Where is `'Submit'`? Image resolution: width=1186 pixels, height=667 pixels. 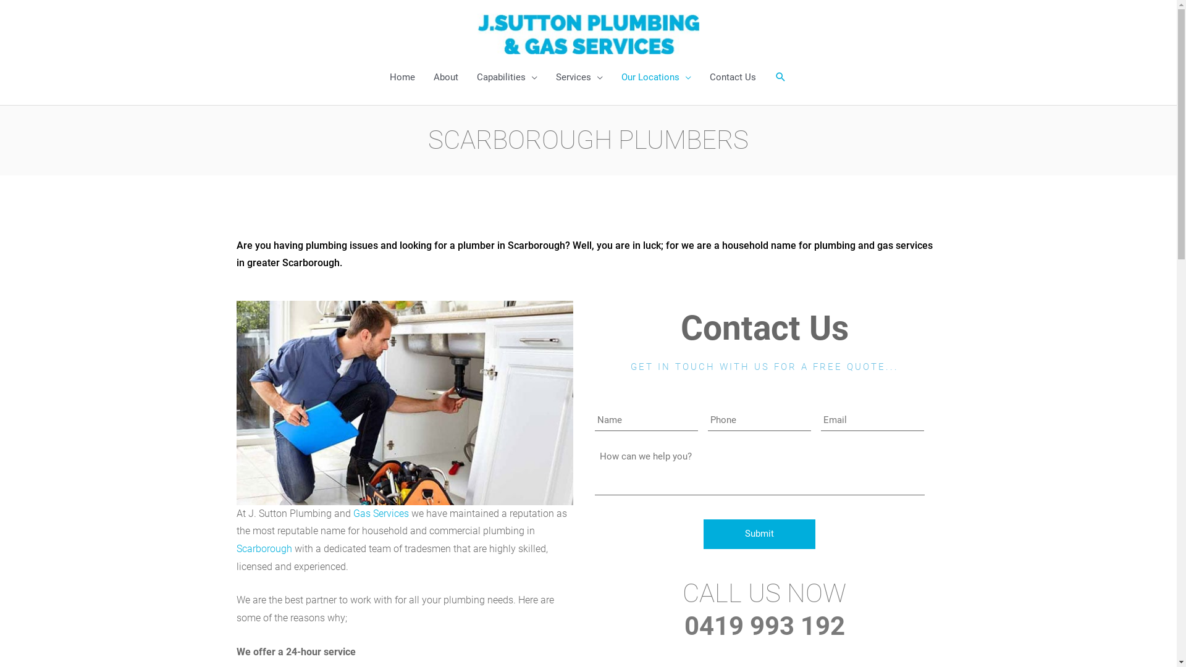 'Submit' is located at coordinates (759, 533).